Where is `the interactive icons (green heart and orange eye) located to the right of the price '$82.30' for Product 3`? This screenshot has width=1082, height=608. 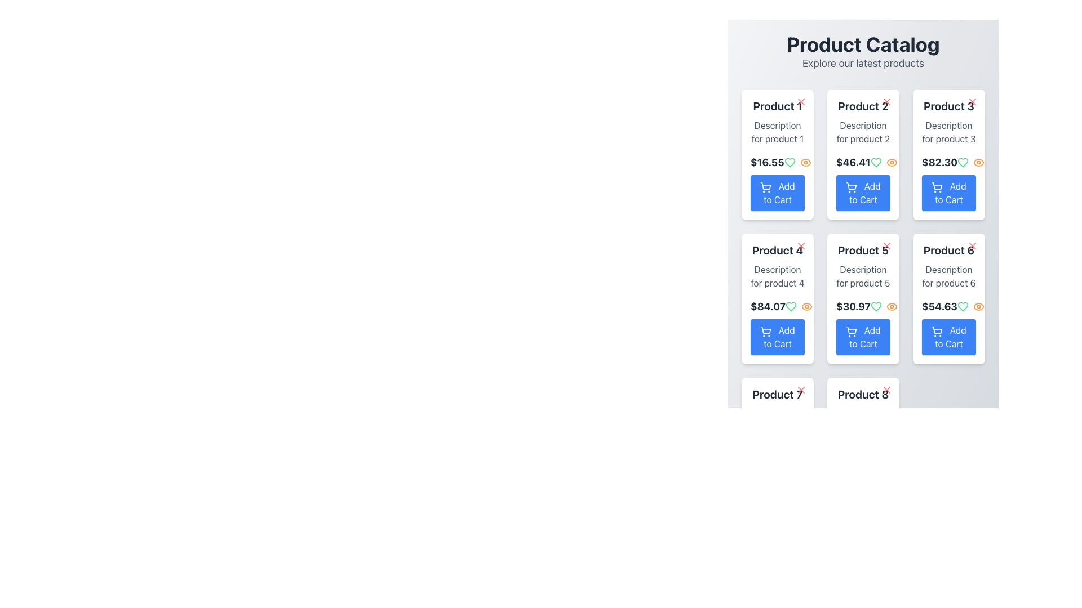
the interactive icons (green heart and orange eye) located to the right of the price '$82.30' for Product 3 is located at coordinates (970, 163).